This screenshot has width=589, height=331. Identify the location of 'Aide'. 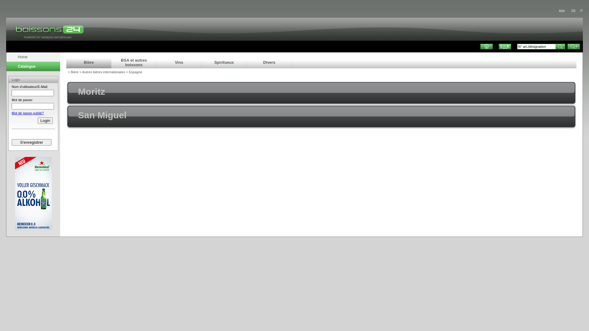
(562, 11).